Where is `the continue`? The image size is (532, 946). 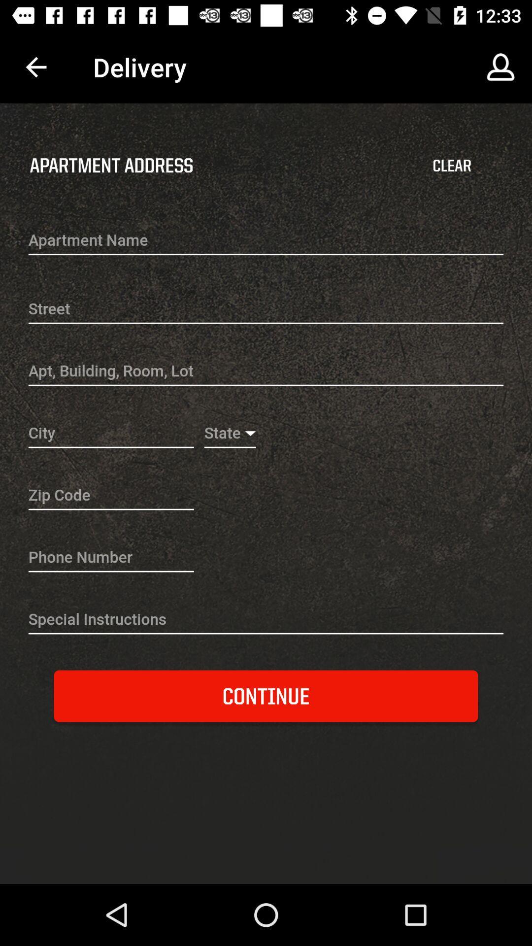
the continue is located at coordinates (266, 695).